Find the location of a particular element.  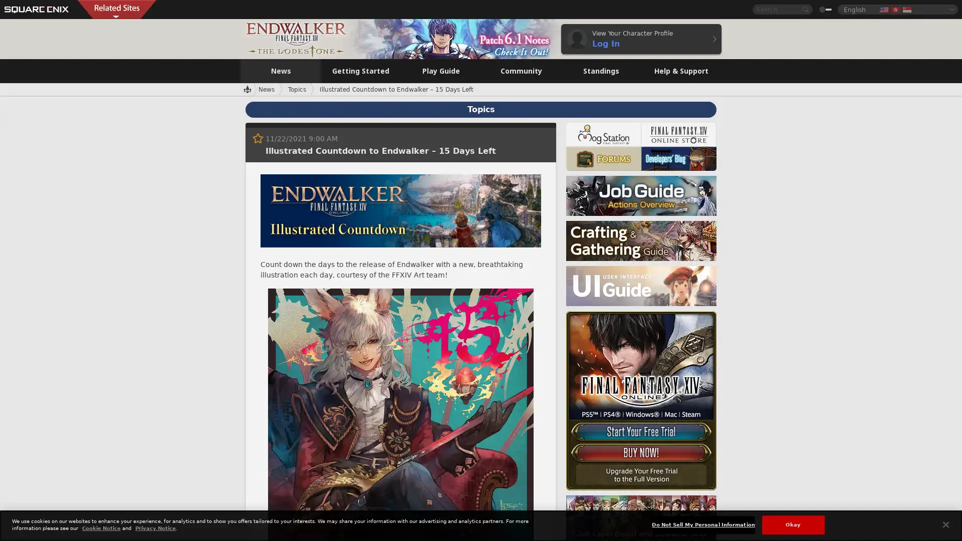

Close is located at coordinates (945, 523).